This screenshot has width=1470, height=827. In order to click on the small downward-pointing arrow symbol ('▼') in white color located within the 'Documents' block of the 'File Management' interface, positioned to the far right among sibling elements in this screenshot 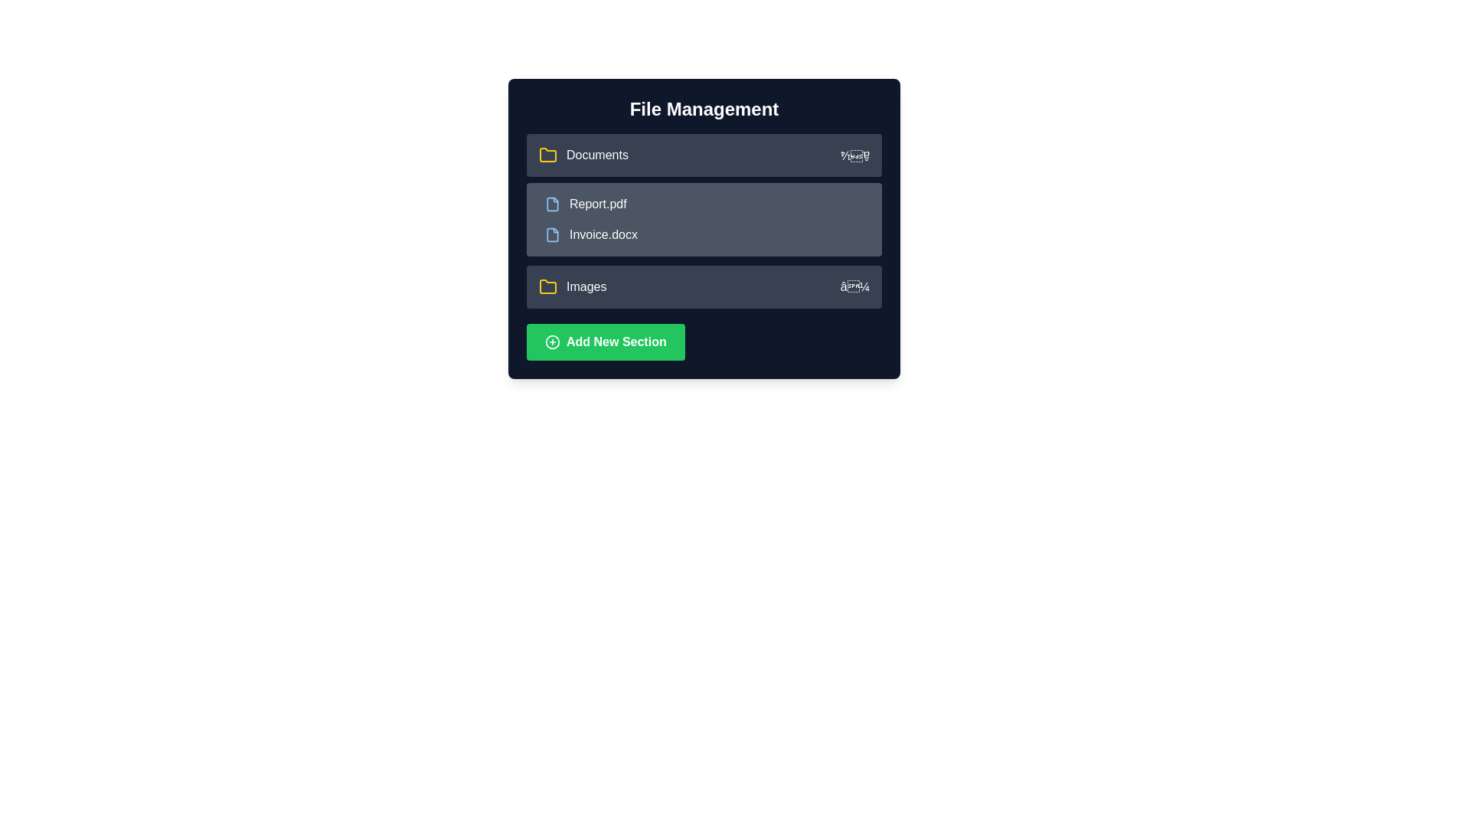, I will do `click(854, 155)`.